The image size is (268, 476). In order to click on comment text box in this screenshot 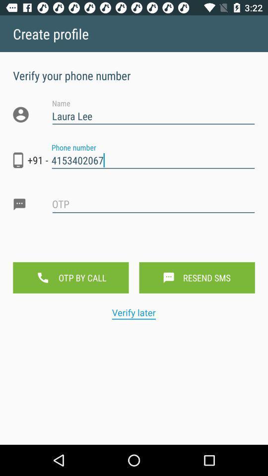, I will do `click(153, 212)`.